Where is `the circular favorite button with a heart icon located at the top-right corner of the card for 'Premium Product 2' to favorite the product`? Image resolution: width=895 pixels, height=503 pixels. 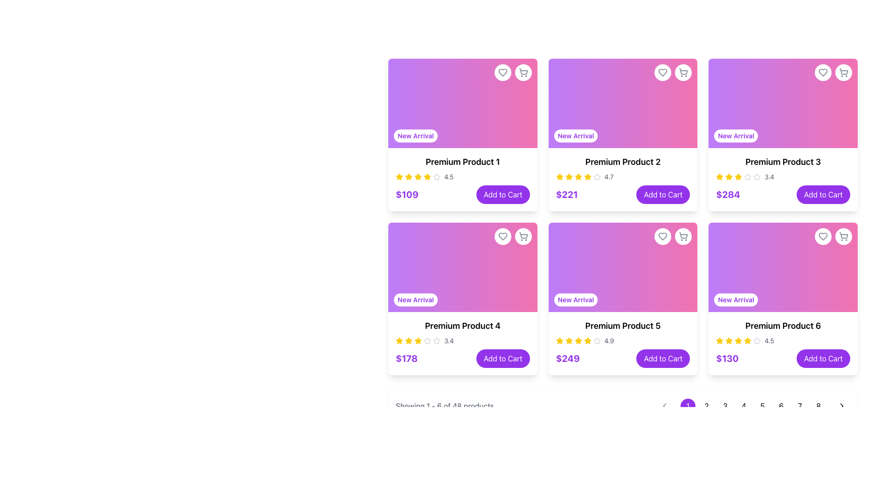
the circular favorite button with a heart icon located at the top-right corner of the card for 'Premium Product 2' to favorite the product is located at coordinates (662, 72).